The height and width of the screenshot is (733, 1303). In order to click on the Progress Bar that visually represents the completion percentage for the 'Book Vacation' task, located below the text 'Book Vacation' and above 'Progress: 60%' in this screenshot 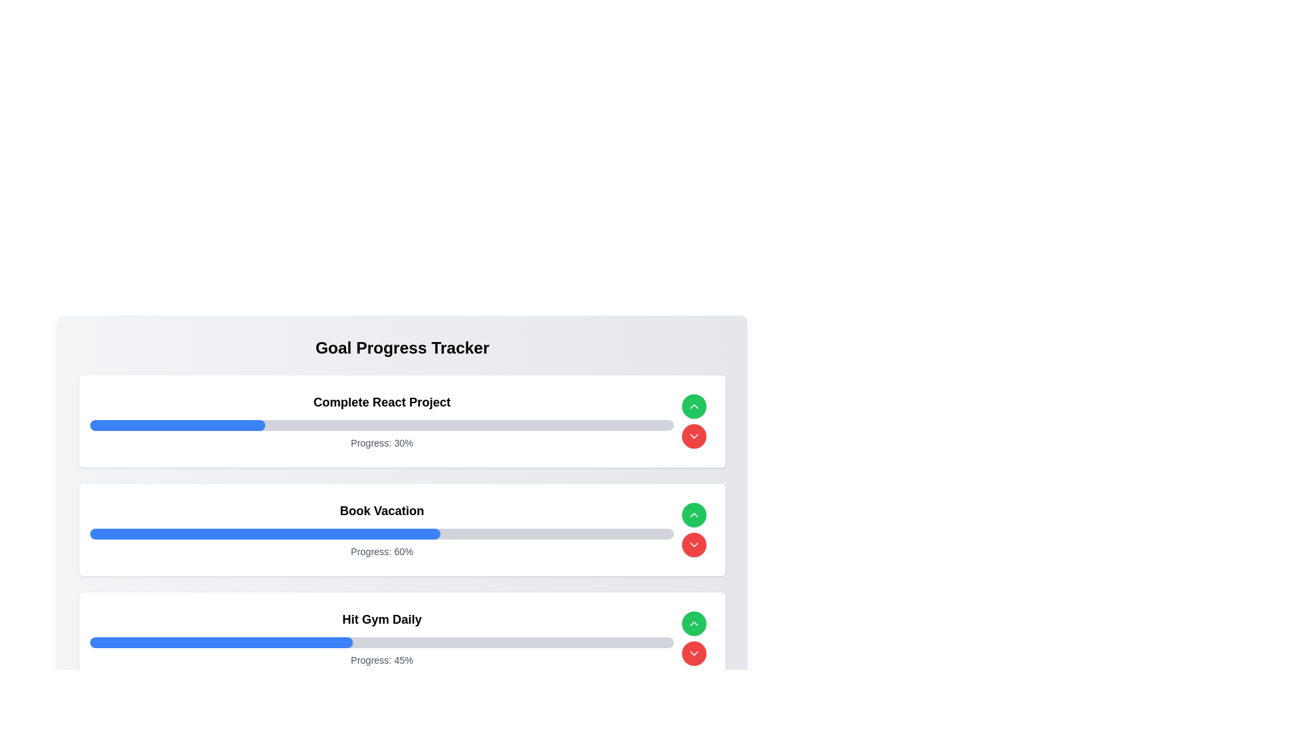, I will do `click(381, 533)`.